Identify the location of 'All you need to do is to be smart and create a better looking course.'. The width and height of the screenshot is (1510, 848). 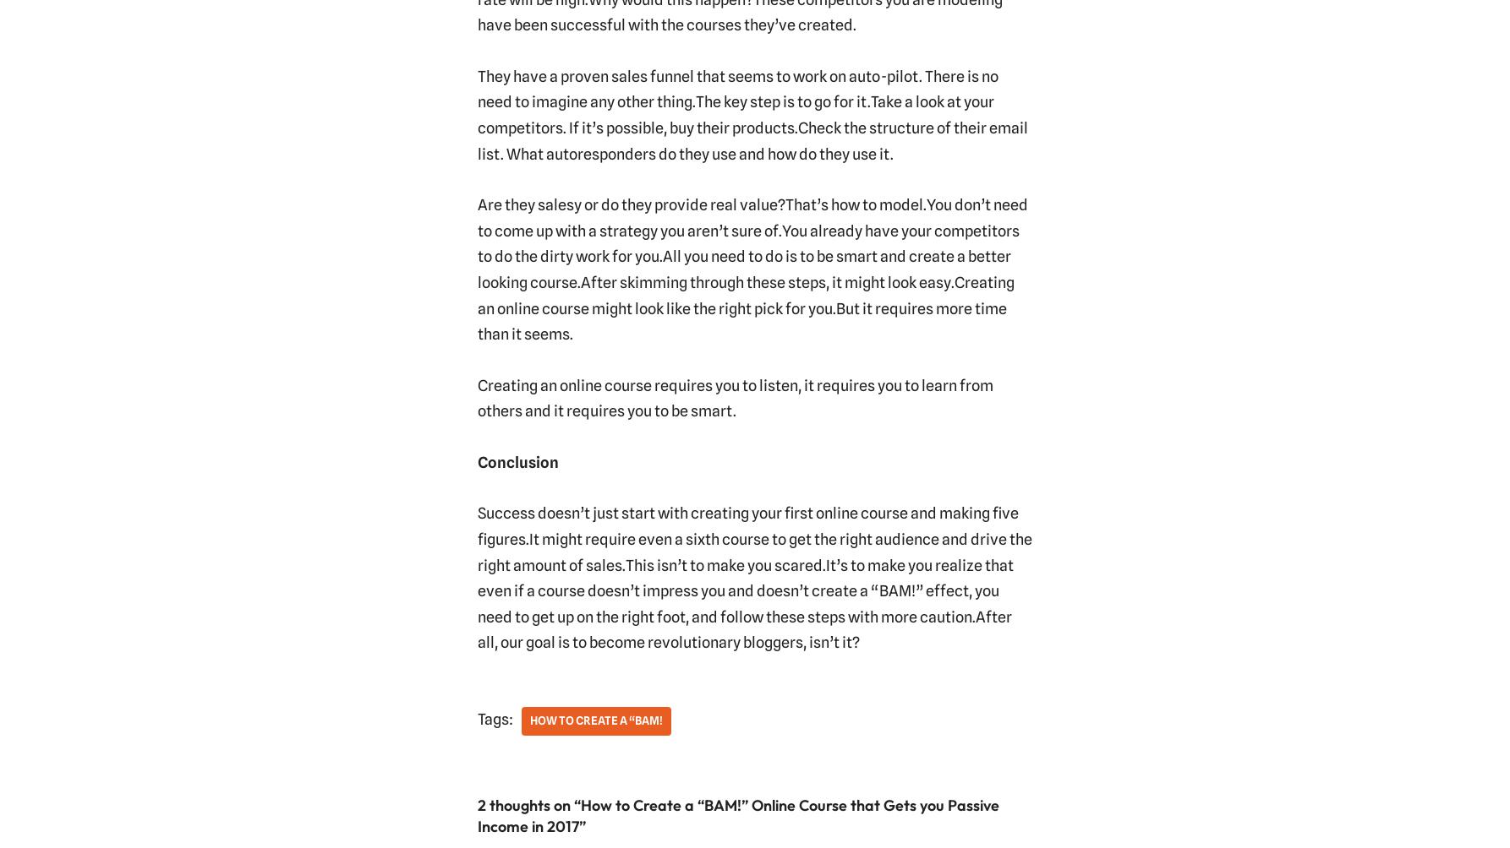
(742, 269).